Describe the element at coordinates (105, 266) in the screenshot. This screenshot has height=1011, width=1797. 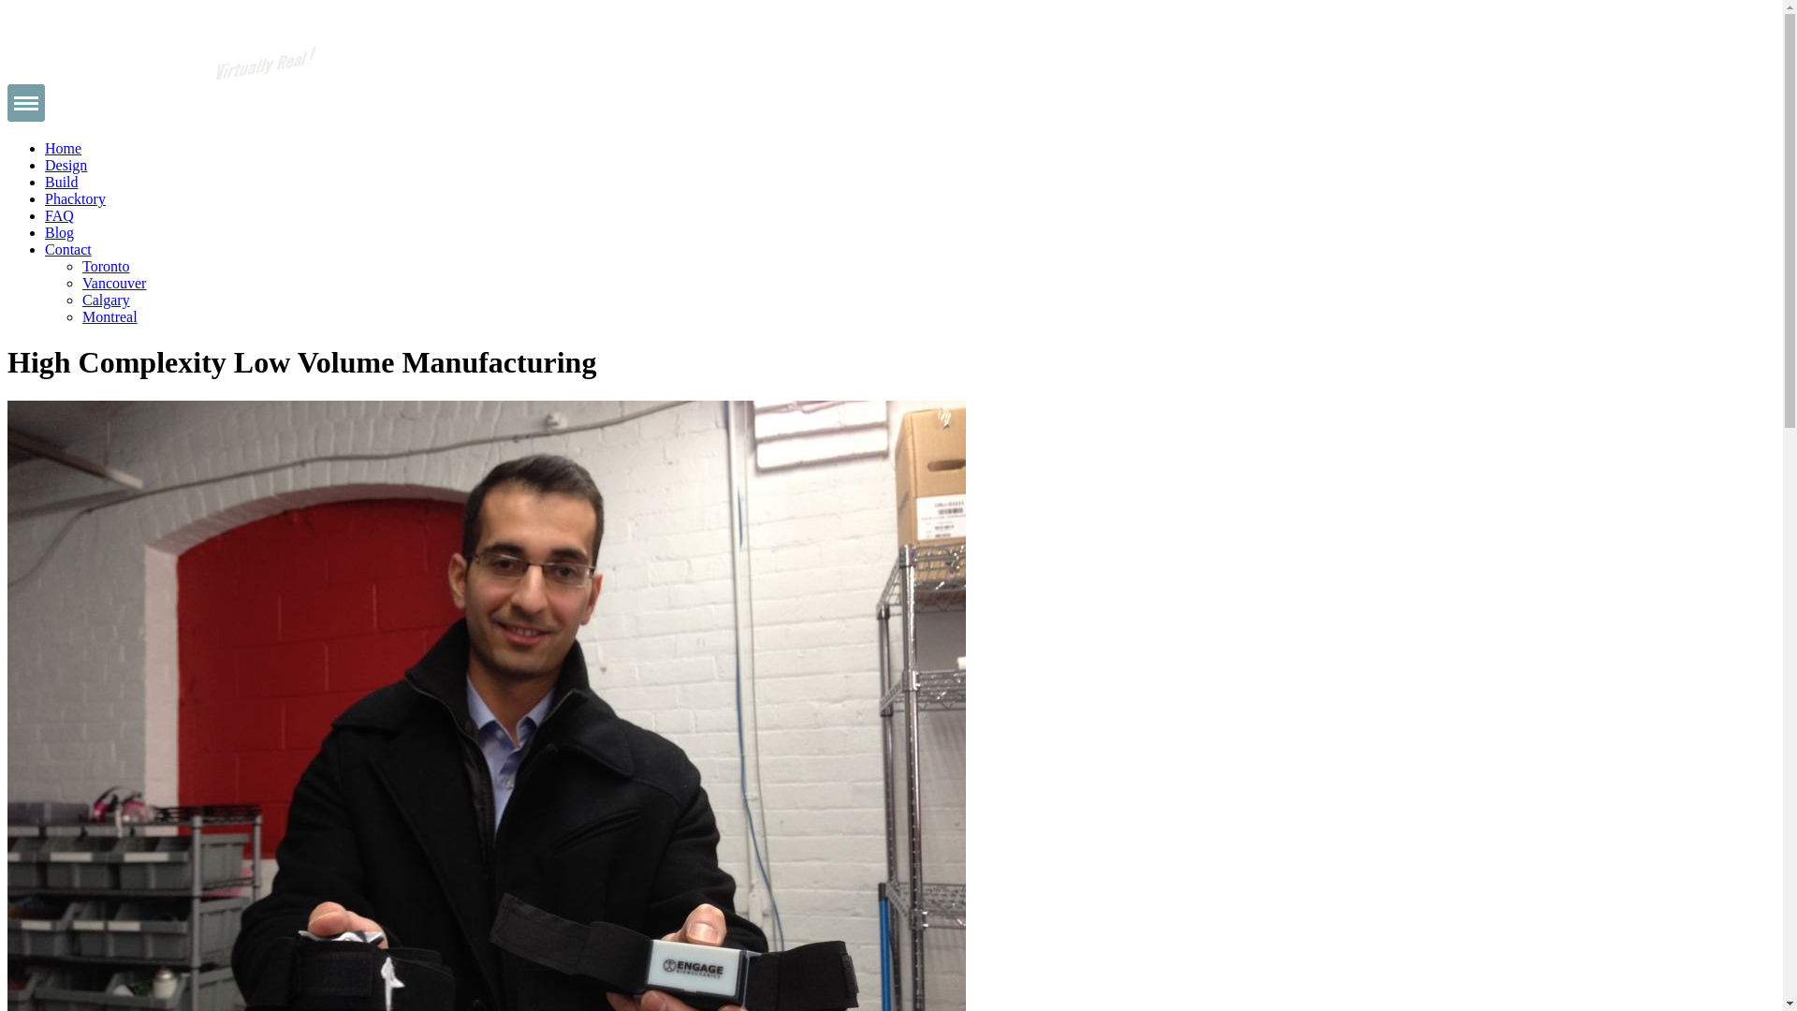
I see `'Toronto'` at that location.